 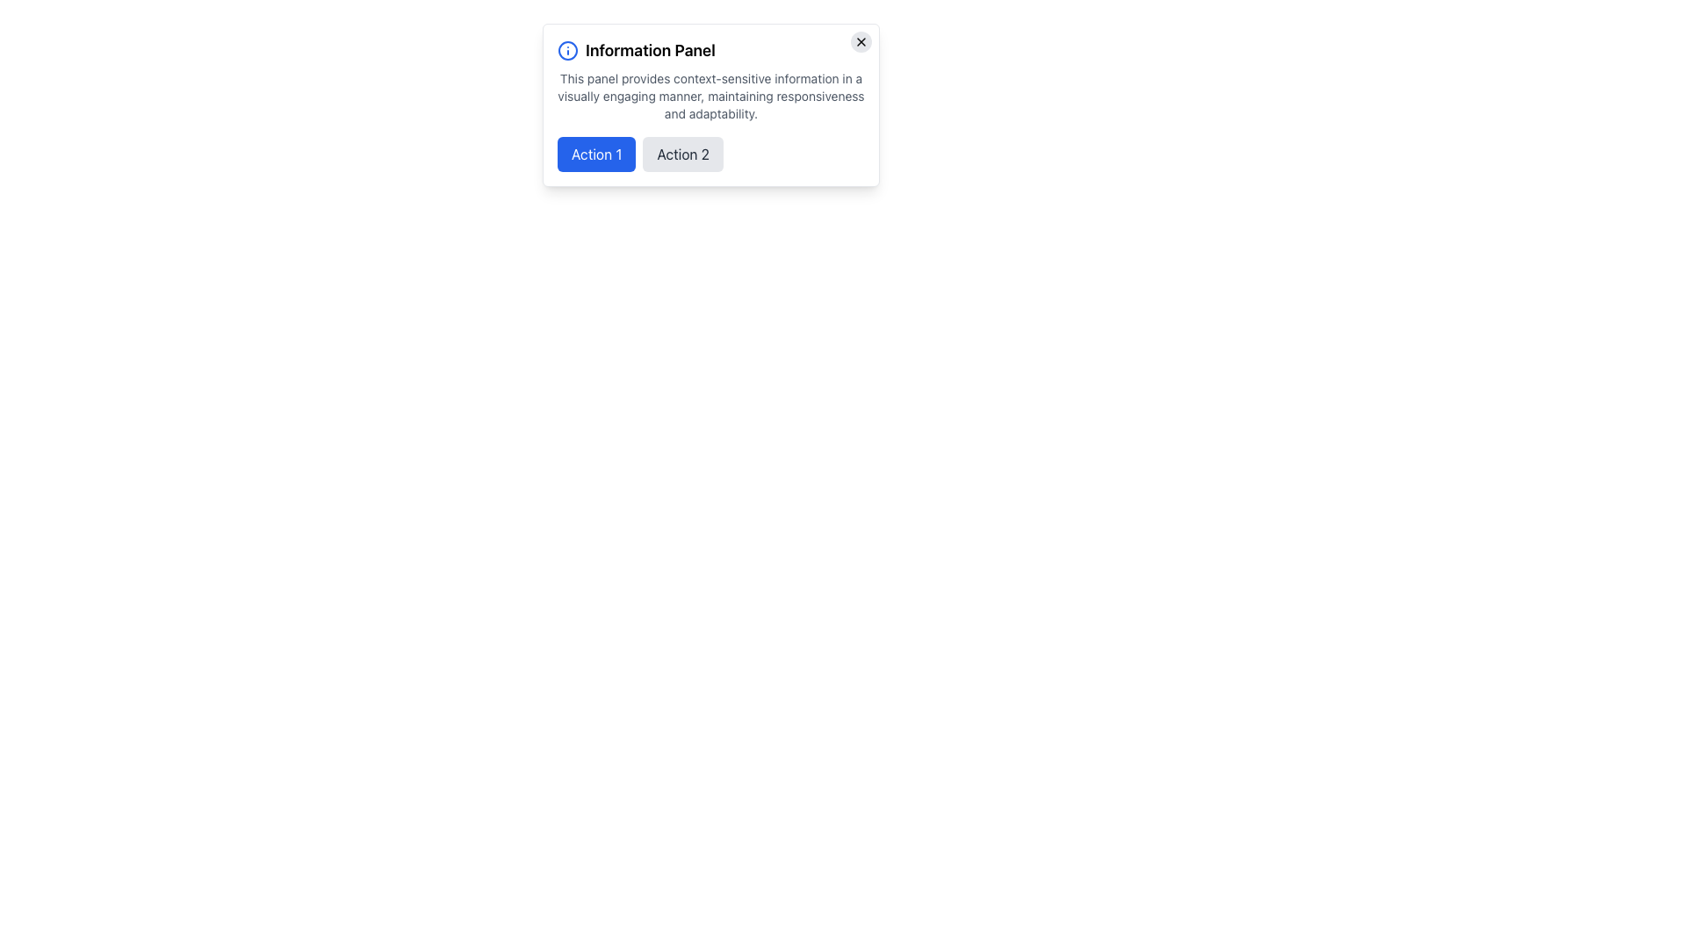 What do you see at coordinates (596, 154) in the screenshot?
I see `the blue button labeled 'Action 1'` at bounding box center [596, 154].